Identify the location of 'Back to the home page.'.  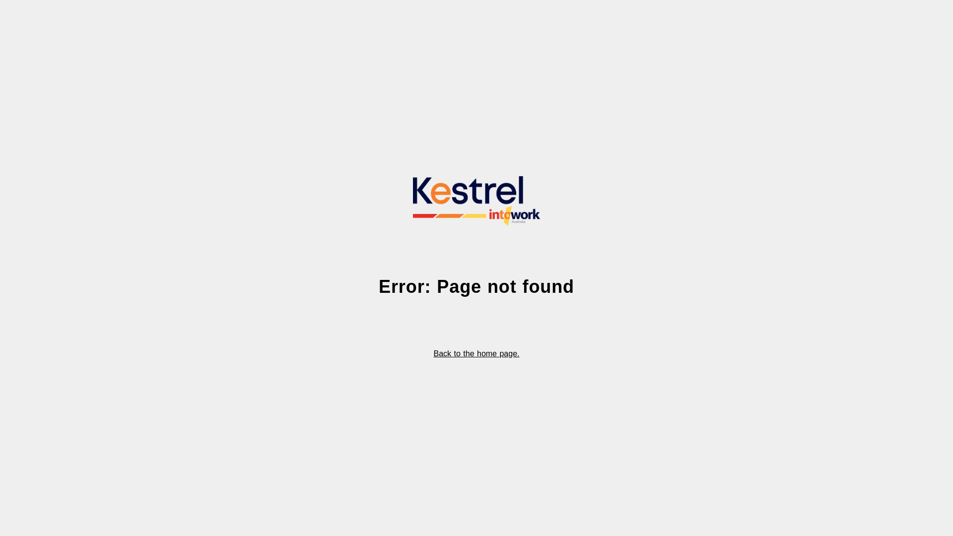
(476, 353).